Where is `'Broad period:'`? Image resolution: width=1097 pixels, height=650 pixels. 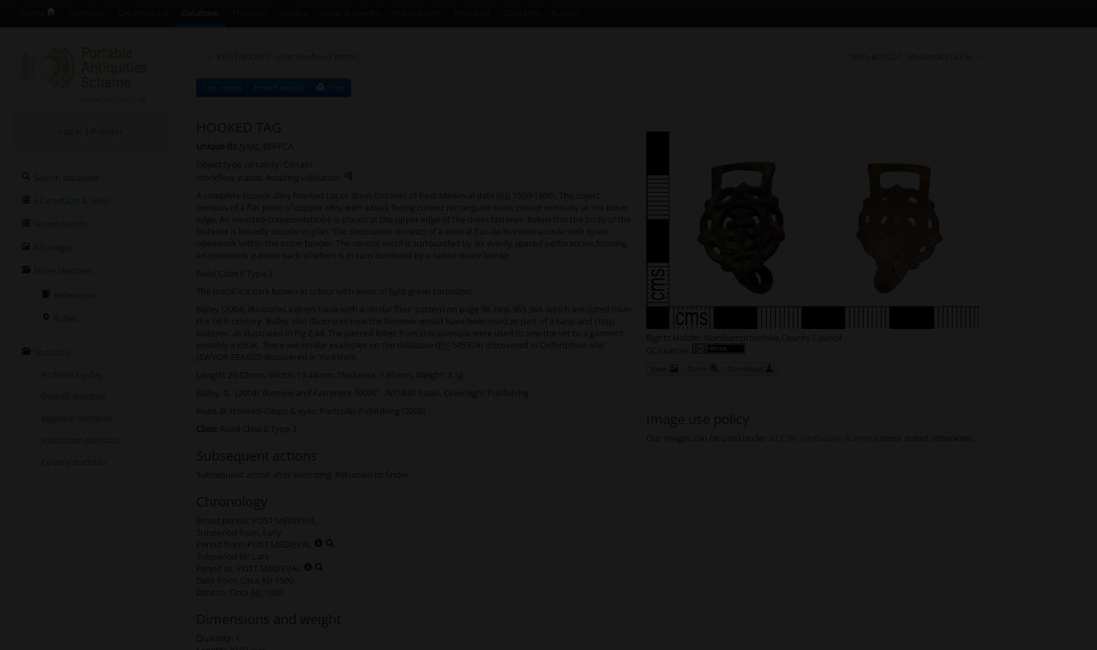 'Broad period:' is located at coordinates (223, 519).